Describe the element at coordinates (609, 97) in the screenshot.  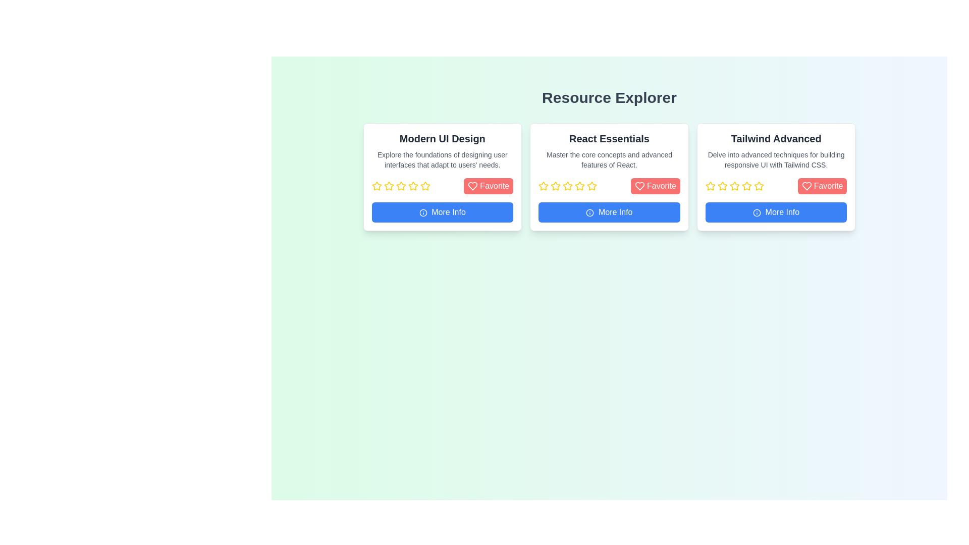
I see `title text element located at the top of the section, which indicates the main theme or purpose of the content below it` at that location.